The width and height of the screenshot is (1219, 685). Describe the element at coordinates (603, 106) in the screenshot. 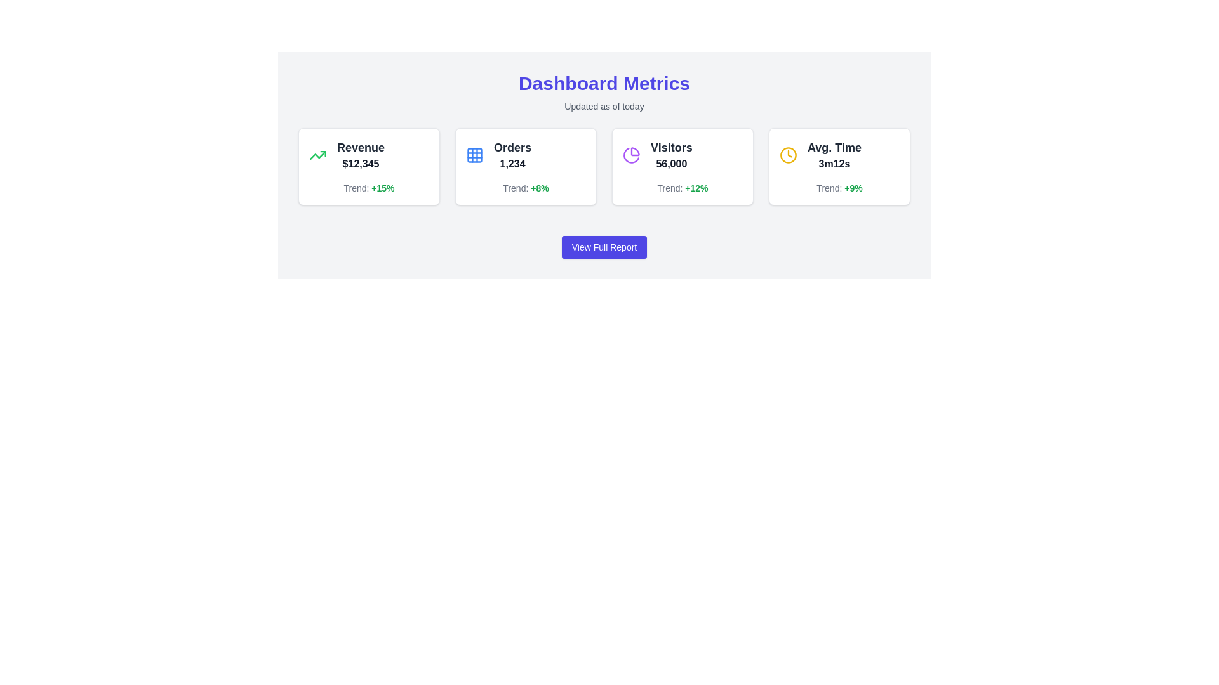

I see `the static text labeled 'Updated as of today.' which is styled with a small gray font and positioned below 'Dashboard Metrics.'` at that location.